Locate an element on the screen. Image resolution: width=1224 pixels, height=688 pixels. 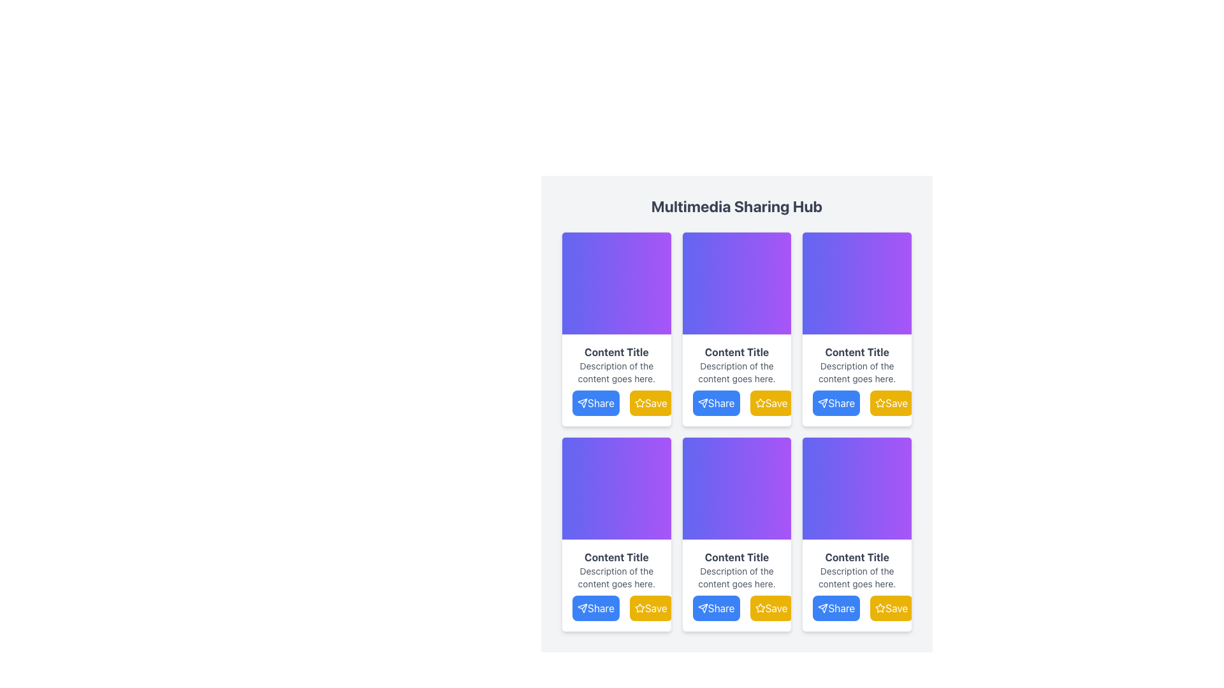
the blue arrowhead icon button styled as a forward-facing paper airplane located at the bottom-left corner of the third card in the top row to initiate sharing is located at coordinates (581, 403).